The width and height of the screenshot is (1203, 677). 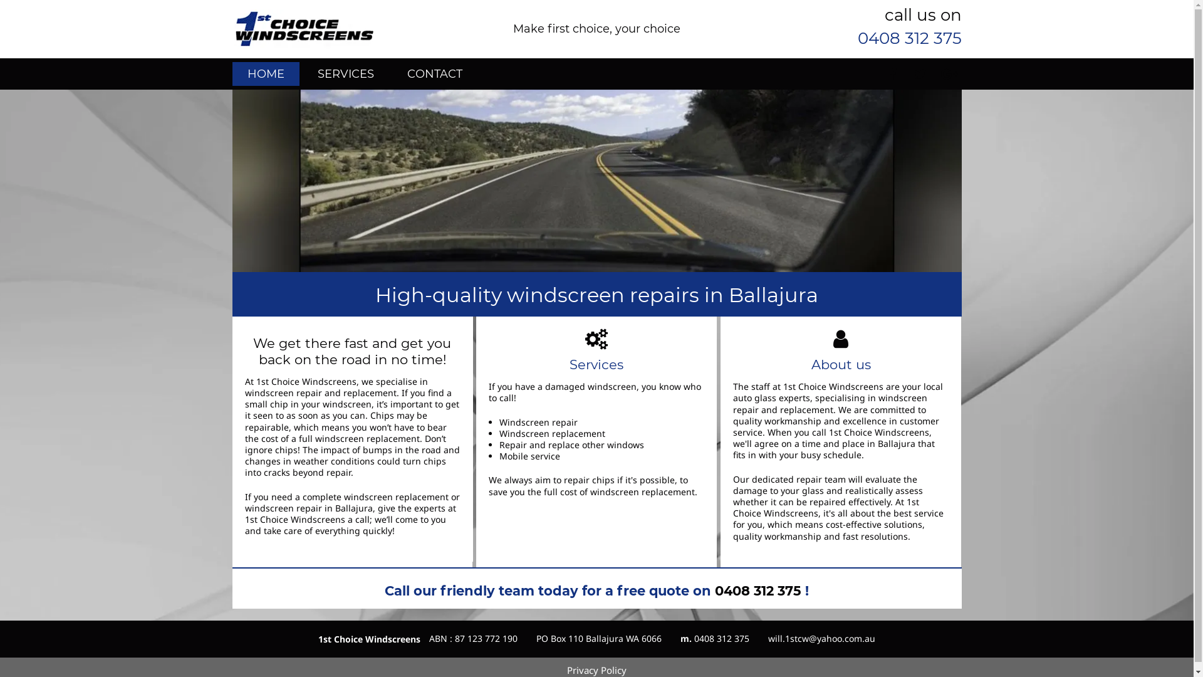 I want to click on 'first choice windscreens business logo', so click(x=303, y=28).